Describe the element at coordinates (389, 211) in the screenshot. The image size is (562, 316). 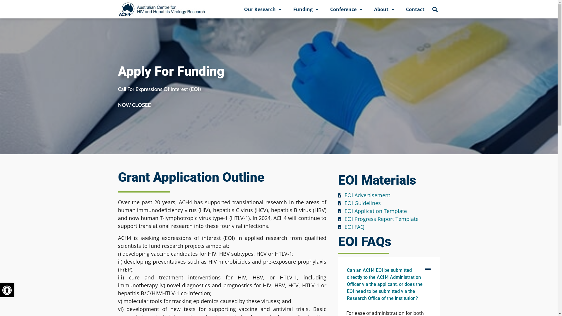
I see `'EOI Application Template'` at that location.